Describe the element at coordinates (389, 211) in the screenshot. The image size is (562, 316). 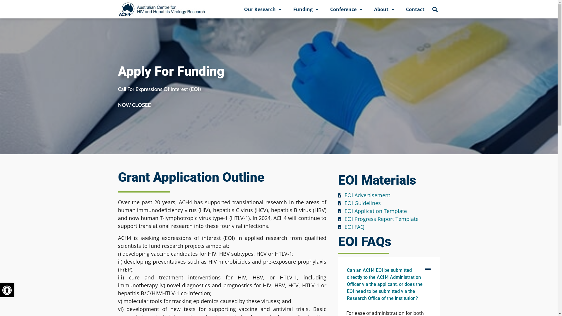
I see `'EOI Application Template'` at that location.